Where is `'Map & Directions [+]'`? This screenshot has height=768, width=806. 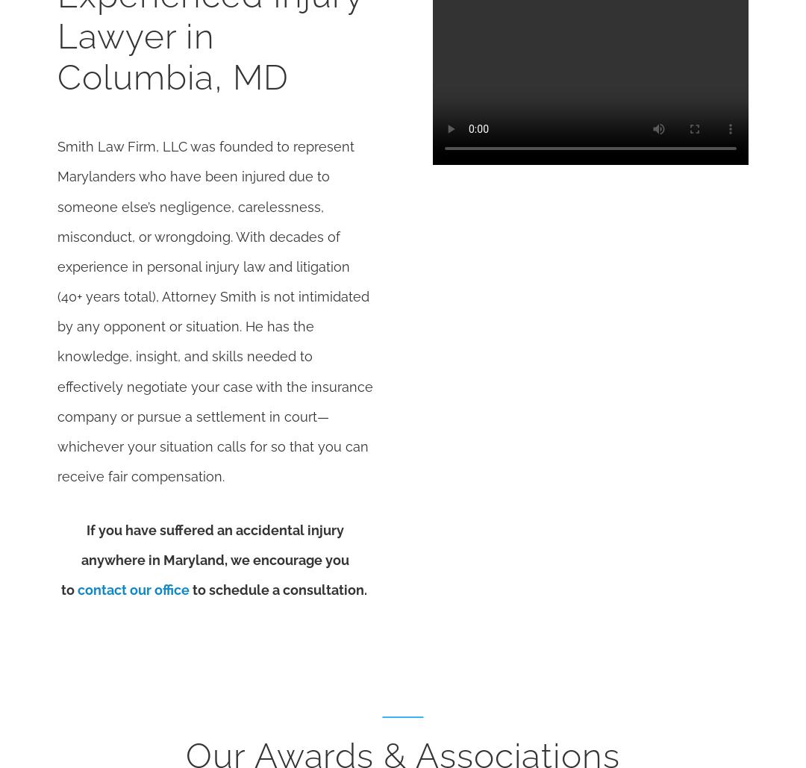
'Map & Directions [+]' is located at coordinates (573, 246).